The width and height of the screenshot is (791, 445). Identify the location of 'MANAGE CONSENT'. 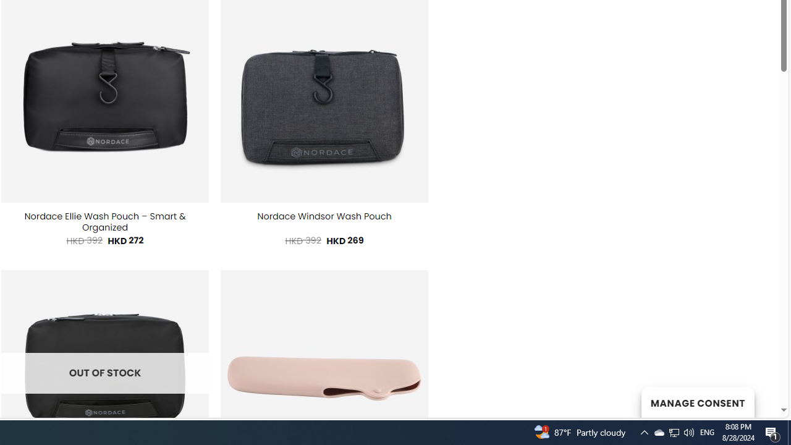
(697, 402).